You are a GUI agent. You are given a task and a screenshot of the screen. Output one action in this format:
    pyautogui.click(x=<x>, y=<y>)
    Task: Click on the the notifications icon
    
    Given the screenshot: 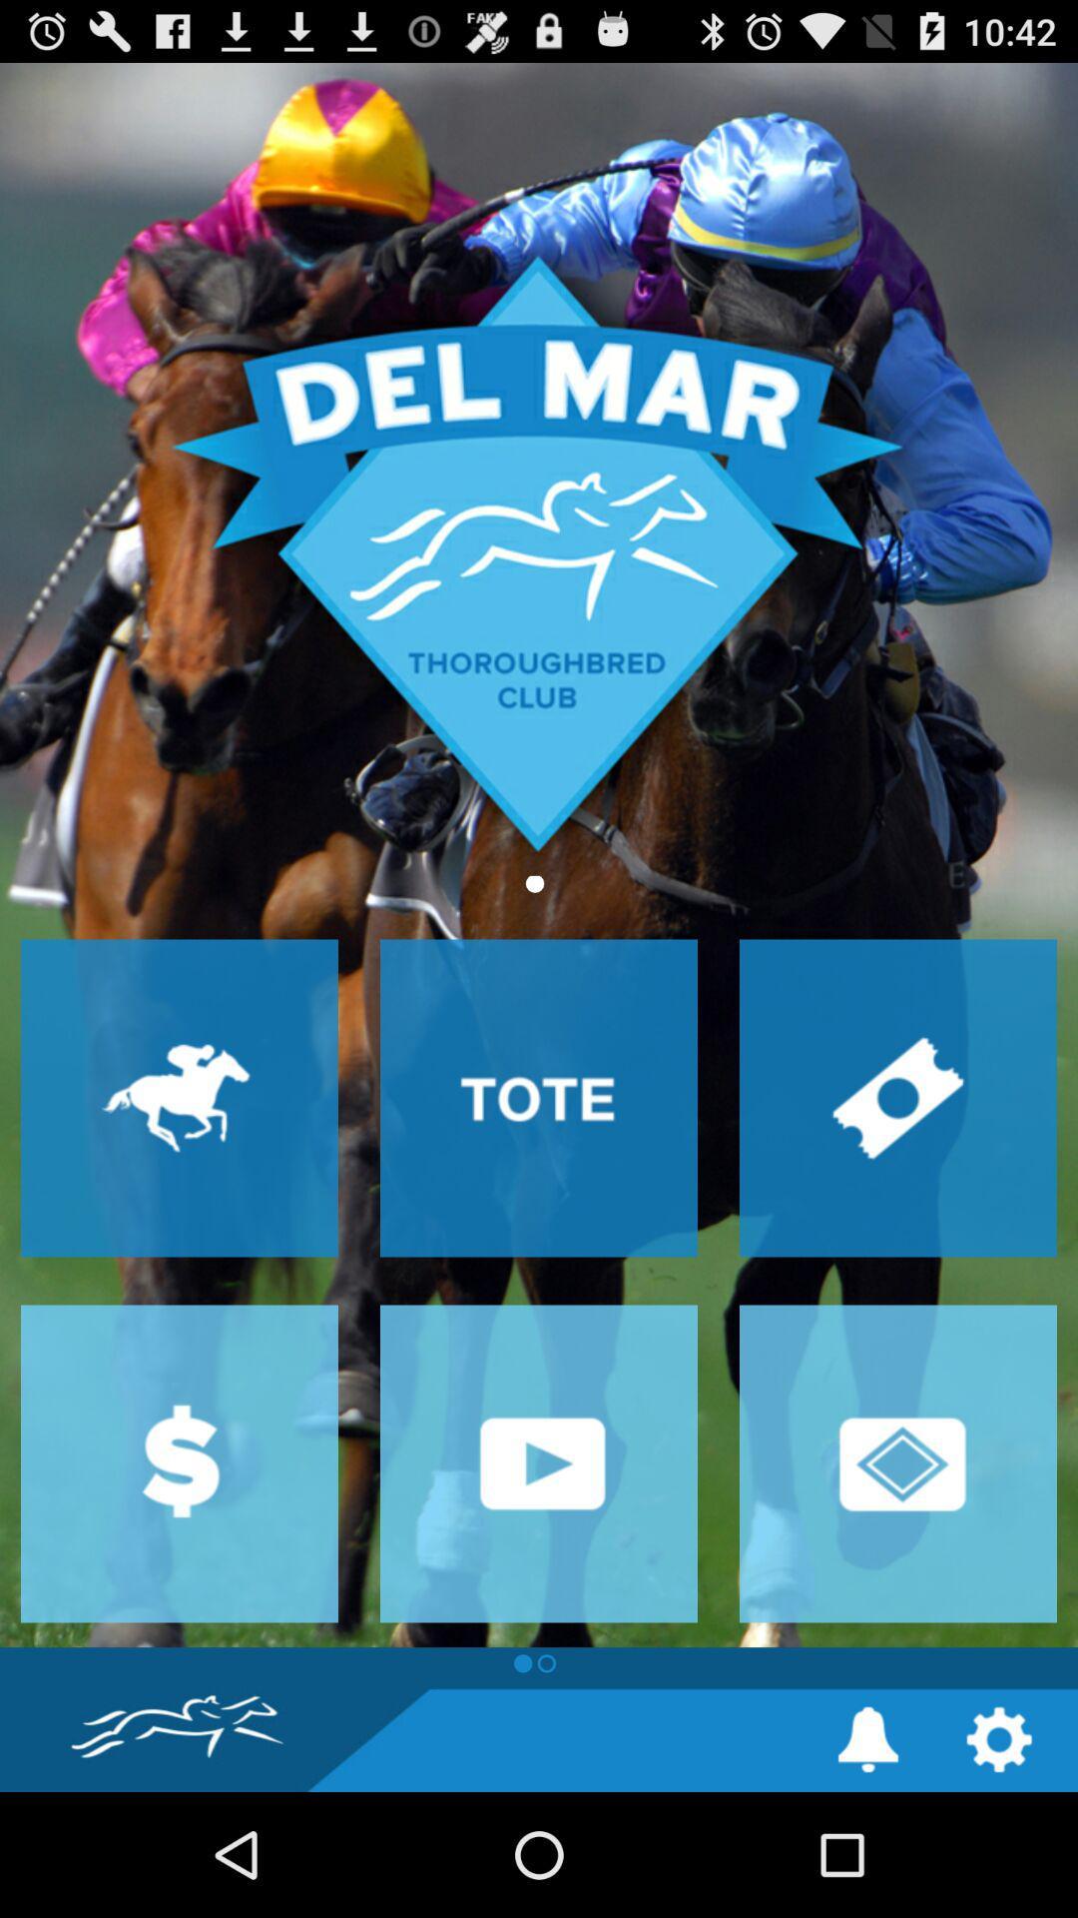 What is the action you would take?
    pyautogui.click(x=867, y=1860)
    